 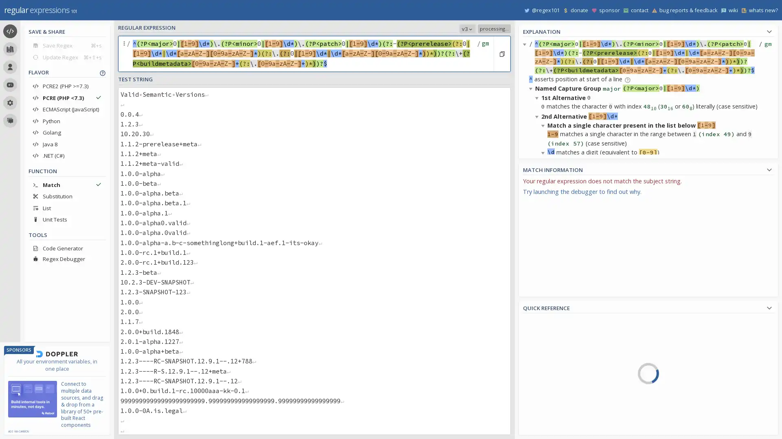 I want to click on A character in the range: a-z or A-Z [a-zA-Z], so click(x=689, y=368).